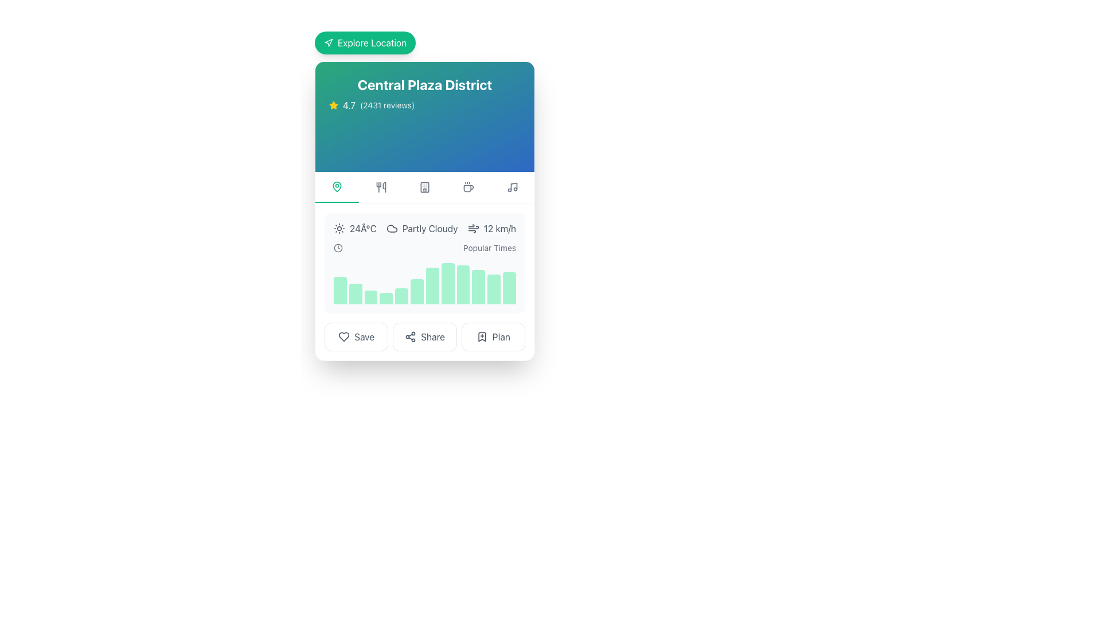  I want to click on the 'Share' button that has a light gray background, rounded corners, and a sharing icon on the left side, positioned between the 'Save' and 'Plan' buttons, so click(424, 336).